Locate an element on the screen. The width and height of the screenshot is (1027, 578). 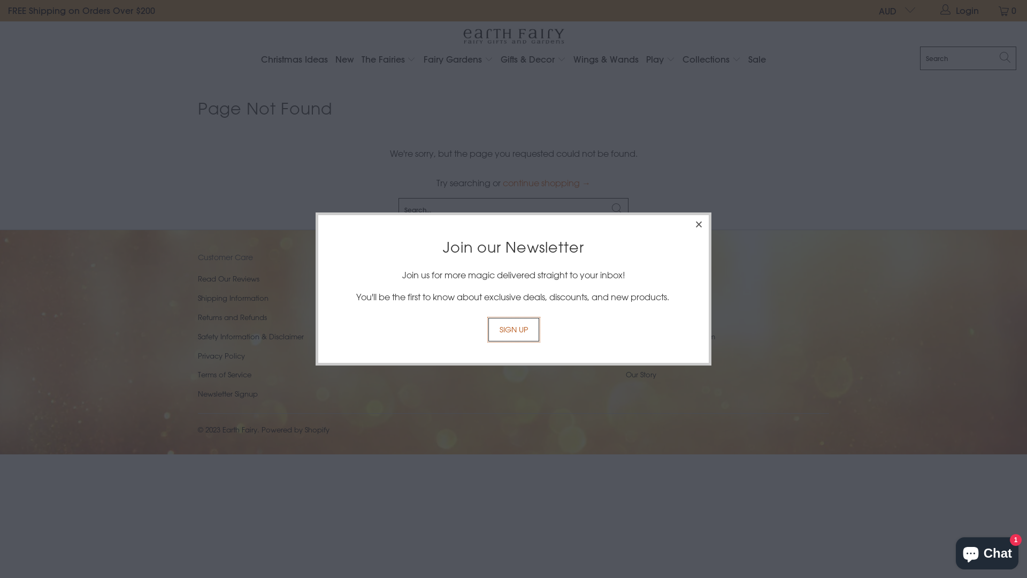
'Privacy Policy' is located at coordinates (220, 355).